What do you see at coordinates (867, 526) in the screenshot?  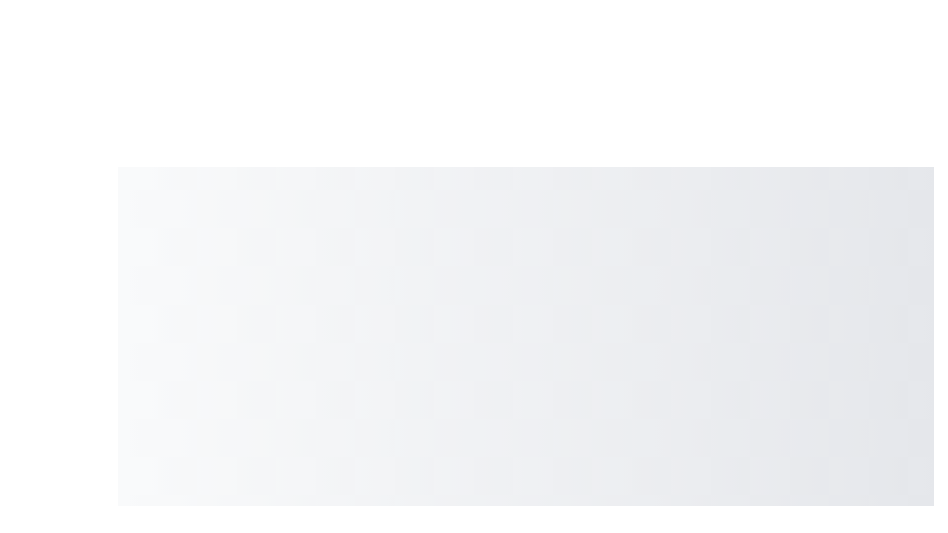 I see `the floating action button to toggle the speed dial menu` at bounding box center [867, 526].